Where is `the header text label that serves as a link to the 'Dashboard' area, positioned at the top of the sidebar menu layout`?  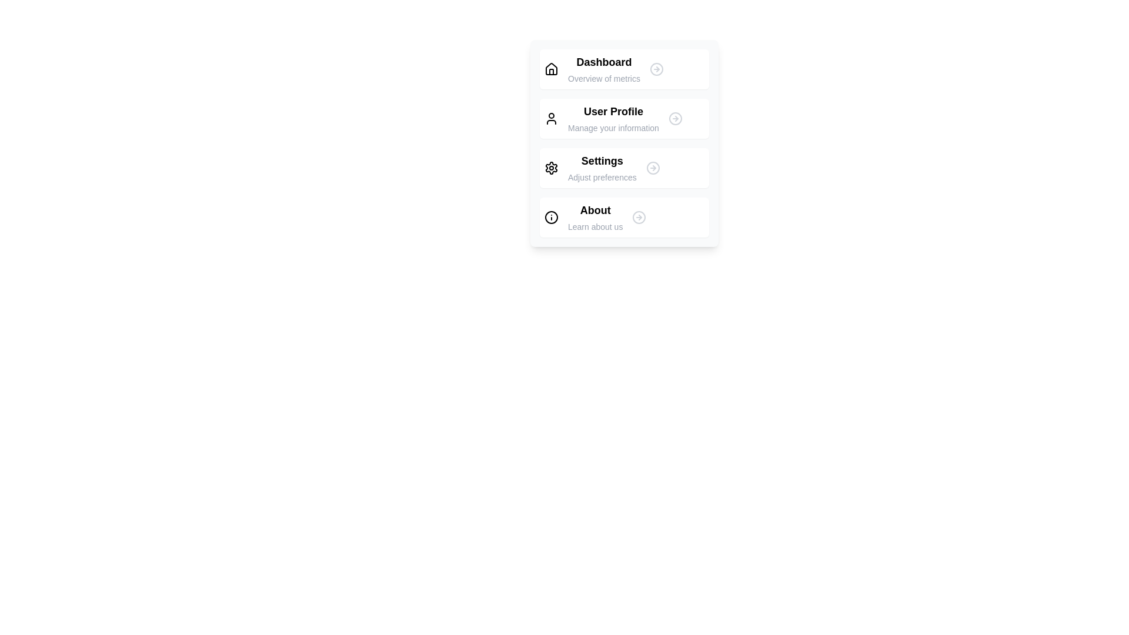 the header text label that serves as a link to the 'Dashboard' area, positioned at the top of the sidebar menu layout is located at coordinates (604, 62).